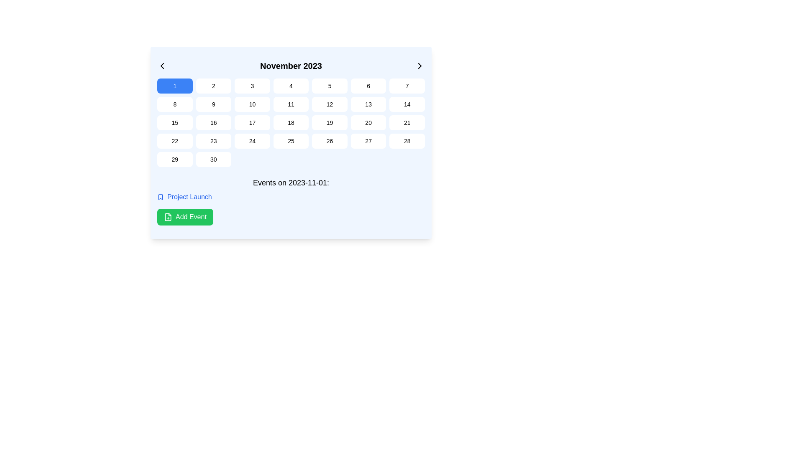 This screenshot has width=803, height=451. Describe the element at coordinates (291, 86) in the screenshot. I see `the button representing the selectable day in the calendar located in the first row, fourth column, positioned between '3' and '5'` at that location.